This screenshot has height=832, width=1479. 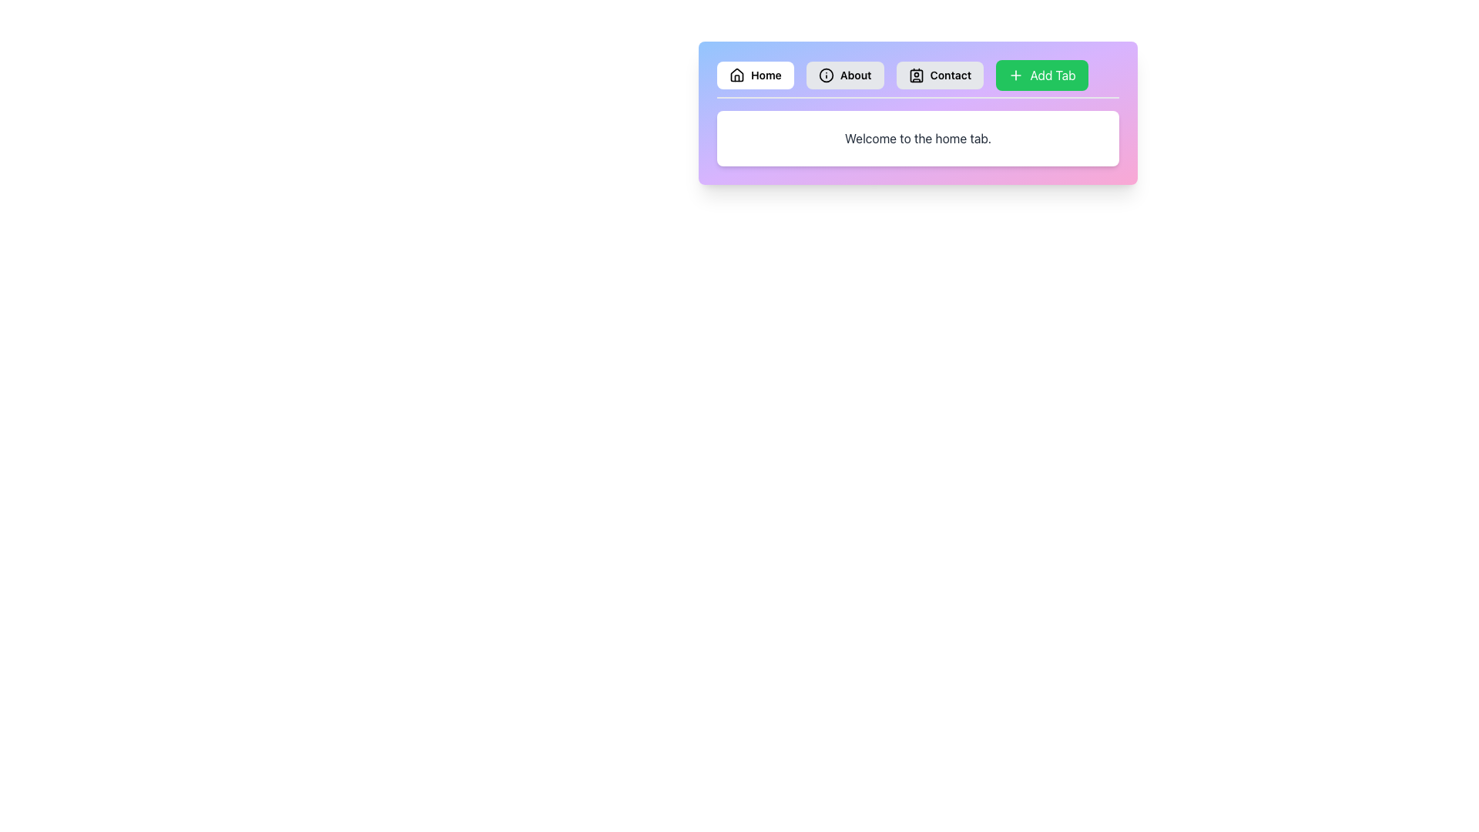 What do you see at coordinates (939, 75) in the screenshot?
I see `the 'Contact' button, which is a rectangular button with rounded corners, located in the horizontal navigation bar between the 'About' and 'Add Tab' buttons` at bounding box center [939, 75].